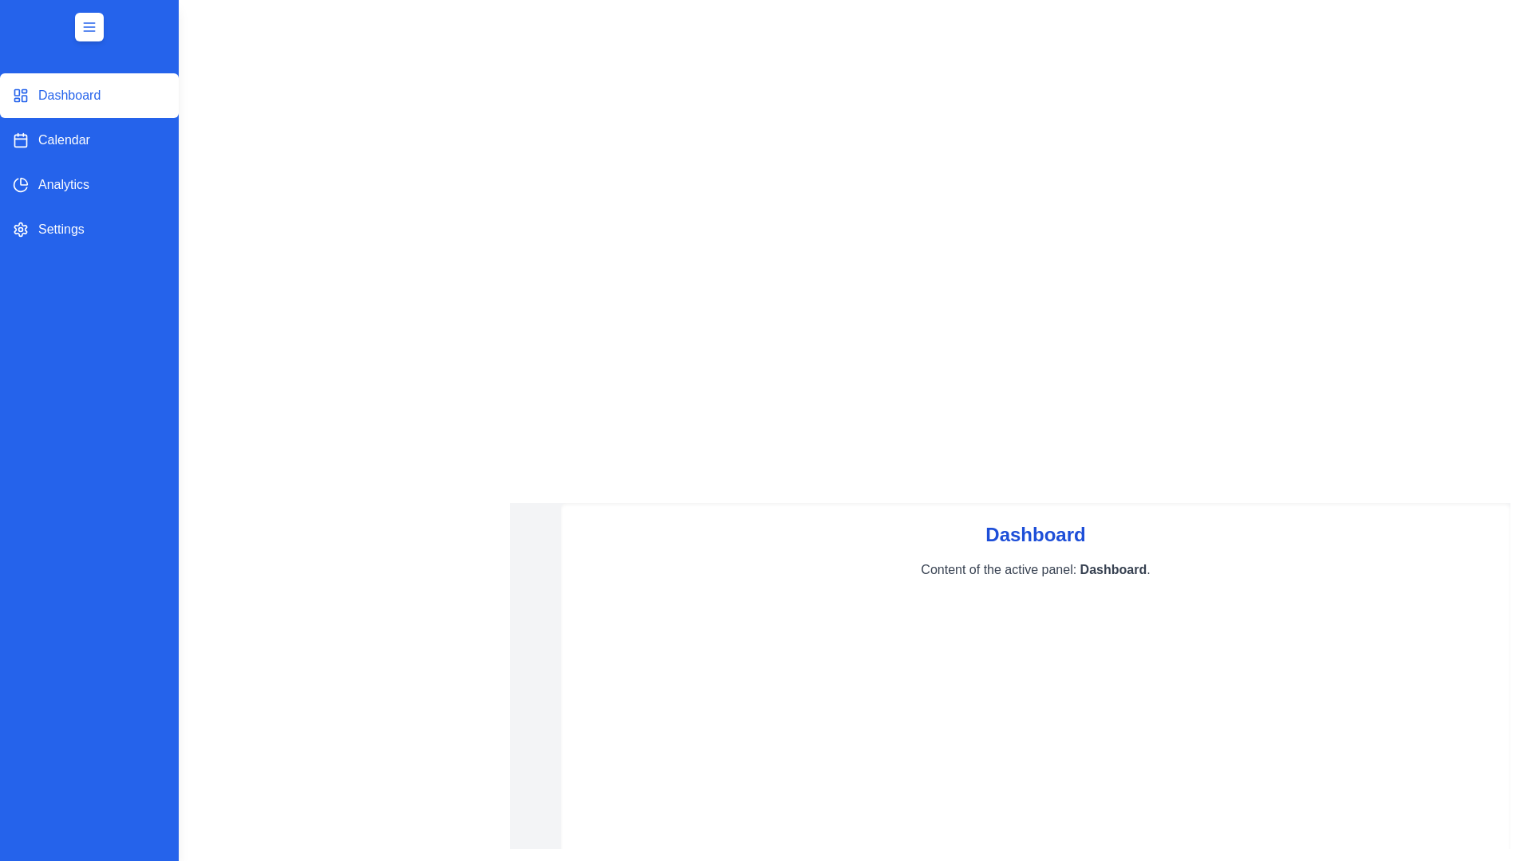  What do you see at coordinates (88, 183) in the screenshot?
I see `the panel labeled Analytics in the sidebar` at bounding box center [88, 183].